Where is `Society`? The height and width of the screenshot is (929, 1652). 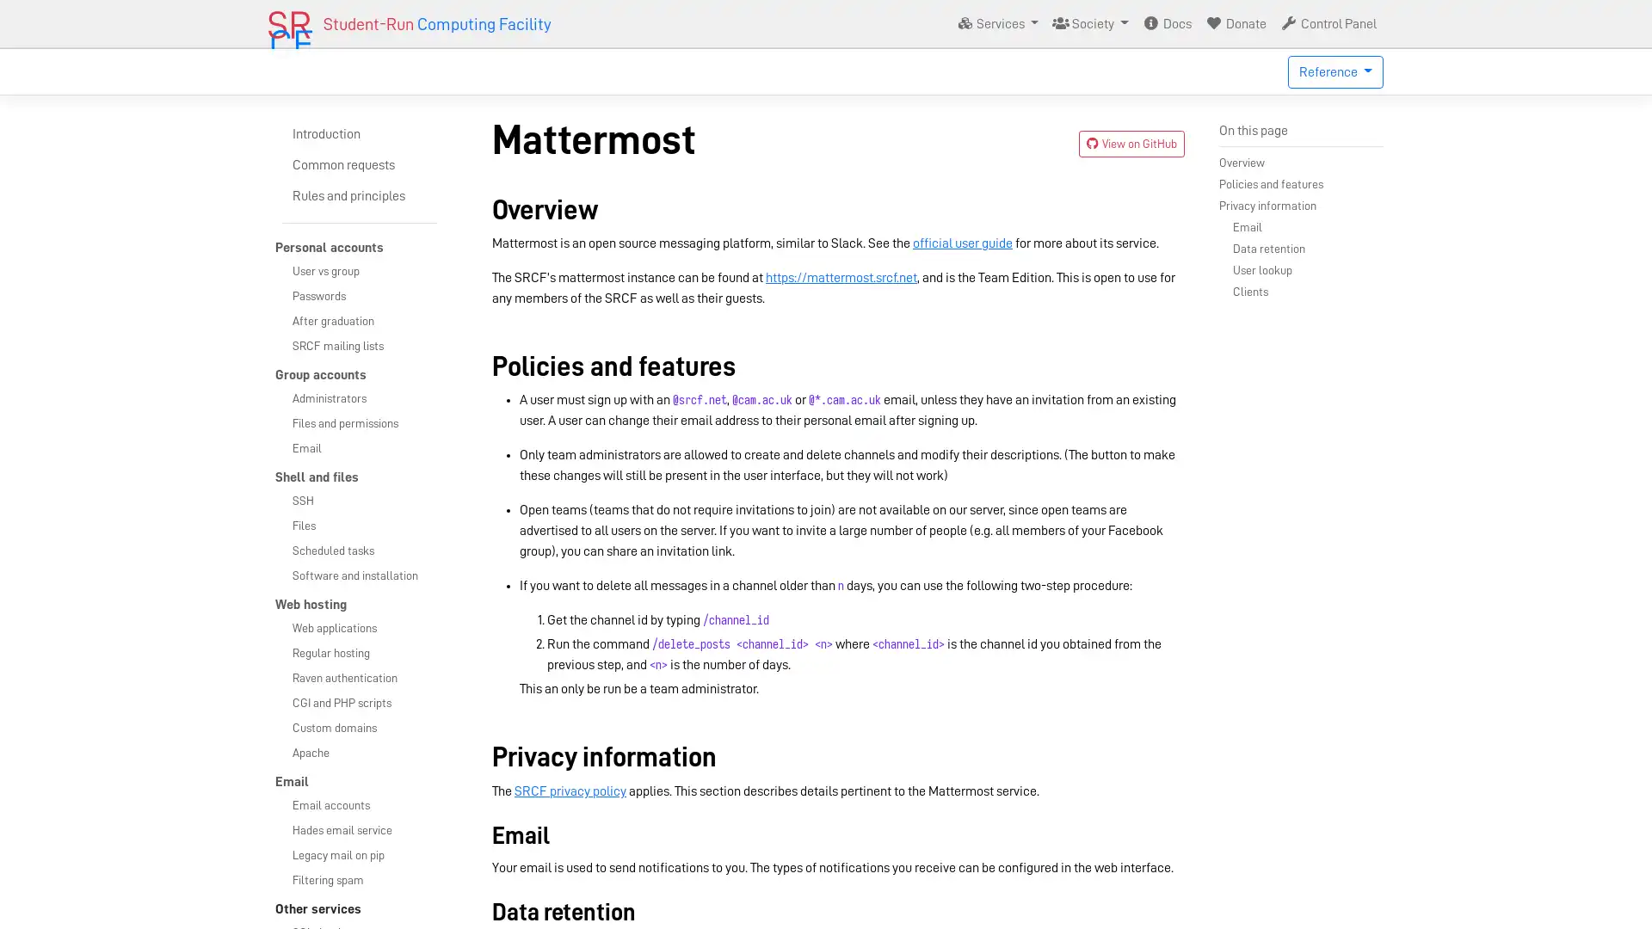 Society is located at coordinates (1089, 23).